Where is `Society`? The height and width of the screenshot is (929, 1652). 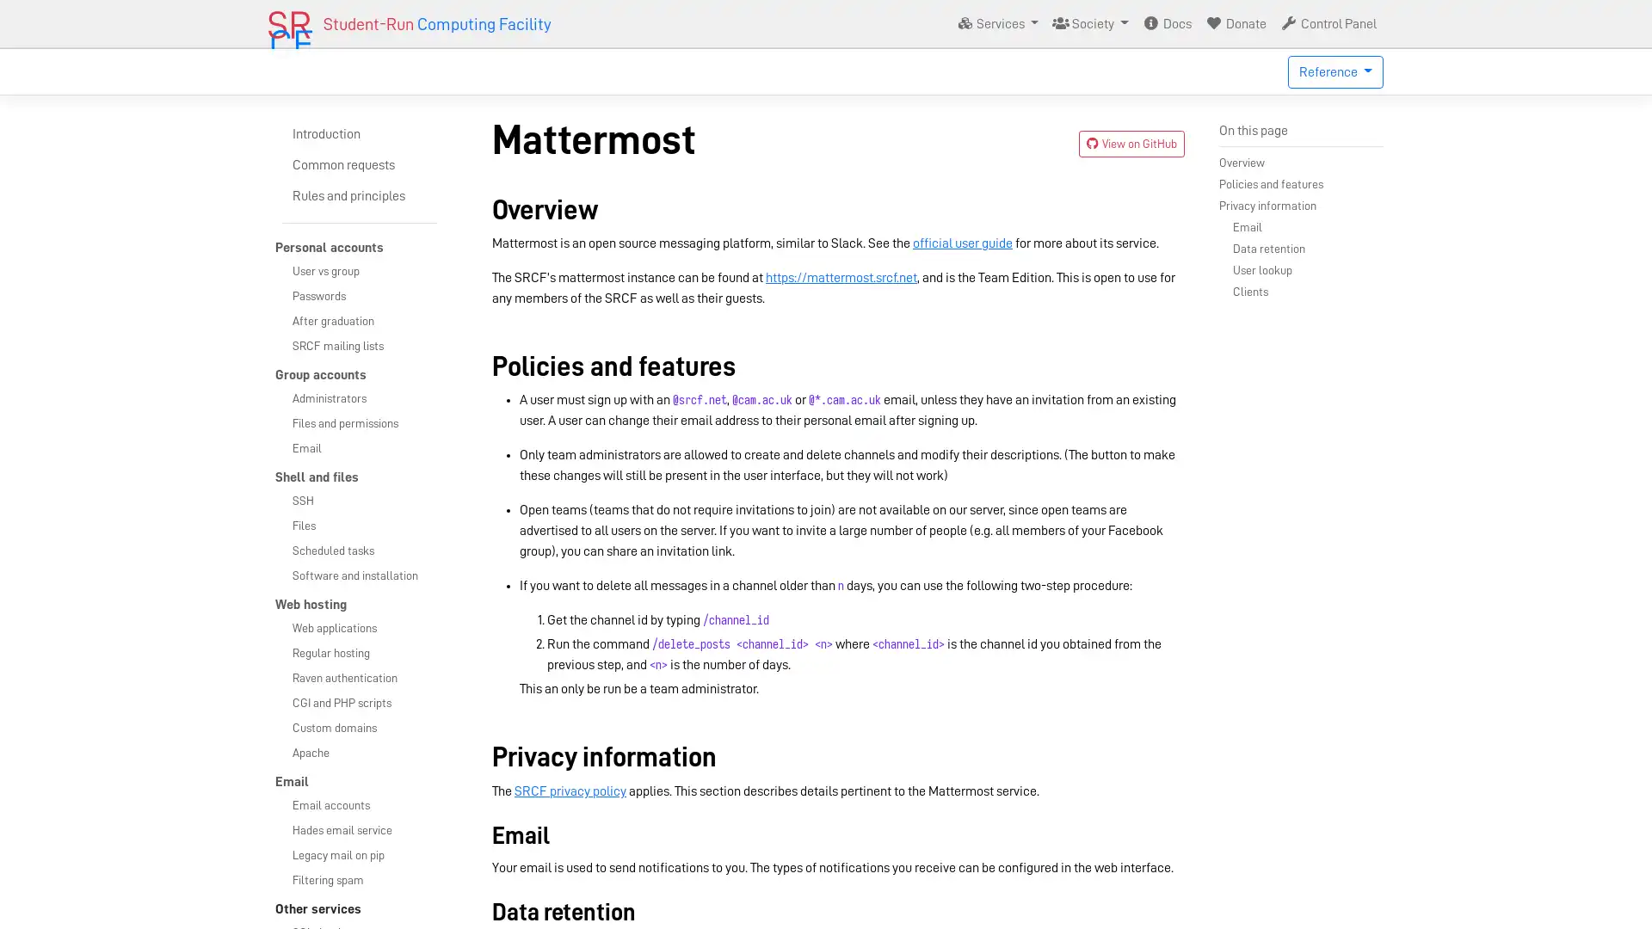 Society is located at coordinates (1089, 23).